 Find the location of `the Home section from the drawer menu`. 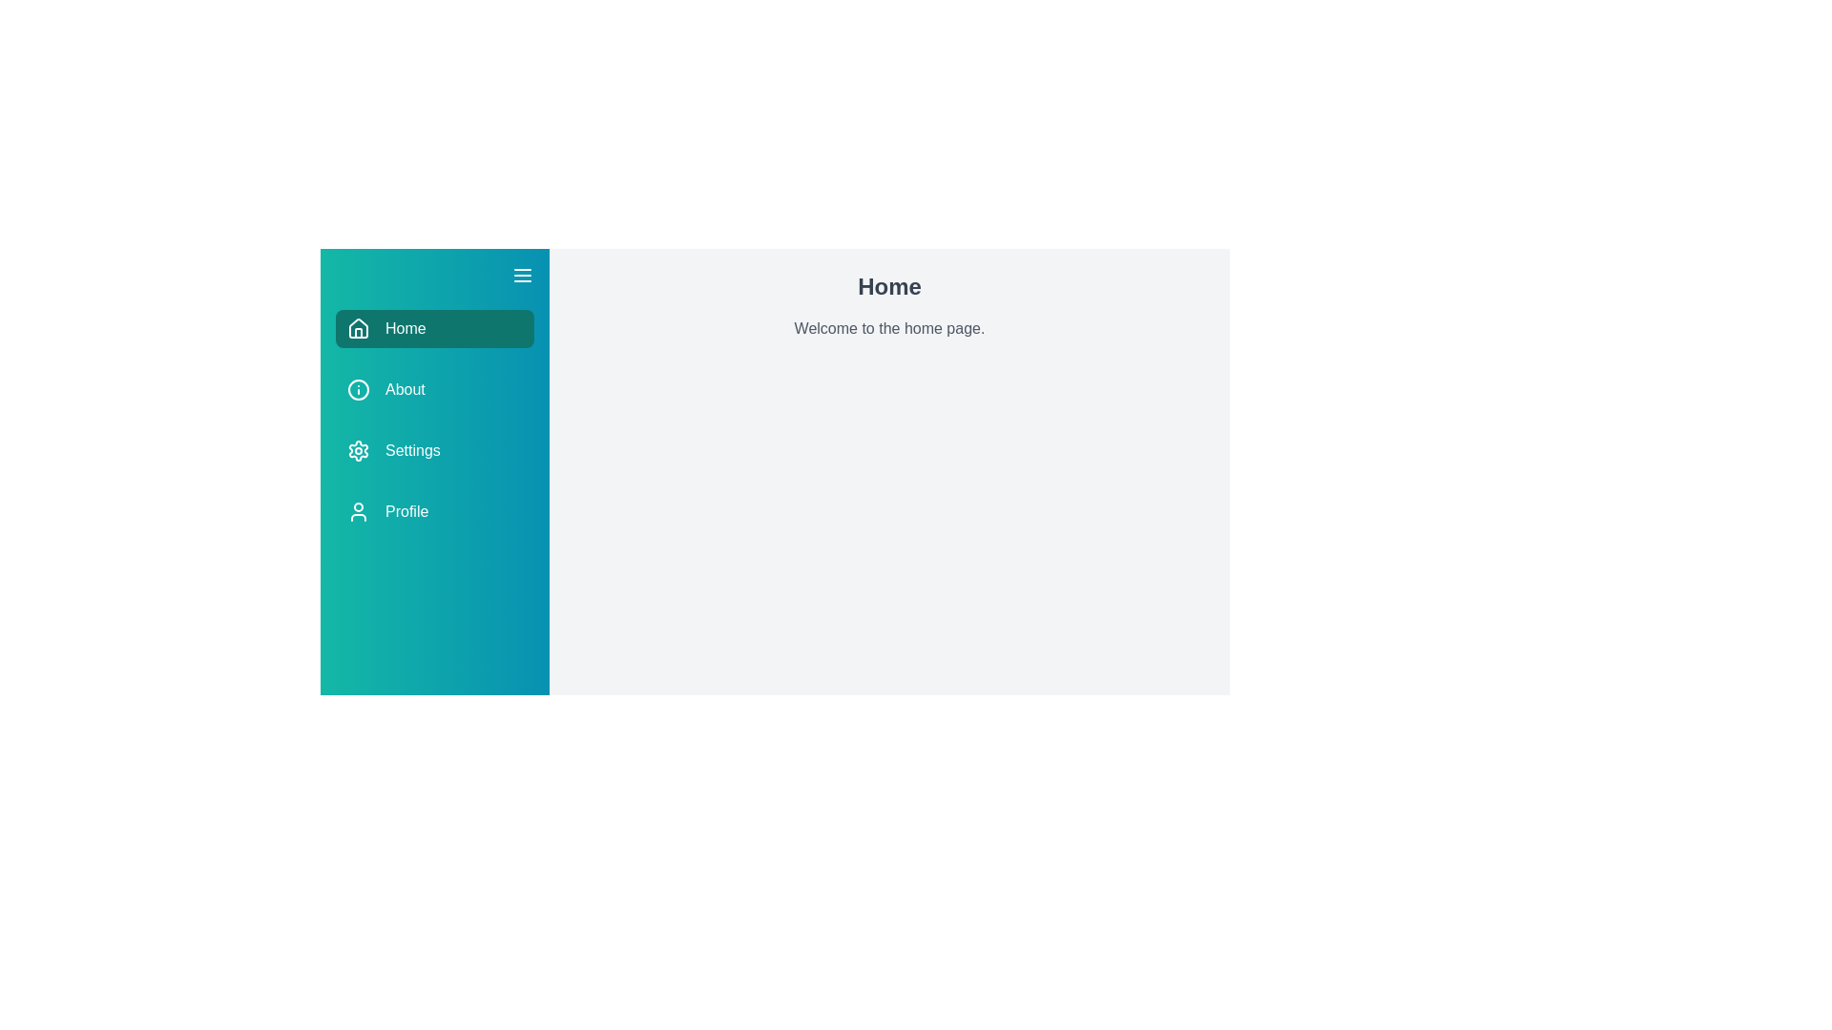

the Home section from the drawer menu is located at coordinates (434, 327).